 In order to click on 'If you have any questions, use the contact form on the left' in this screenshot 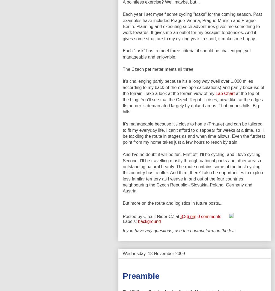, I will do `click(178, 230)`.